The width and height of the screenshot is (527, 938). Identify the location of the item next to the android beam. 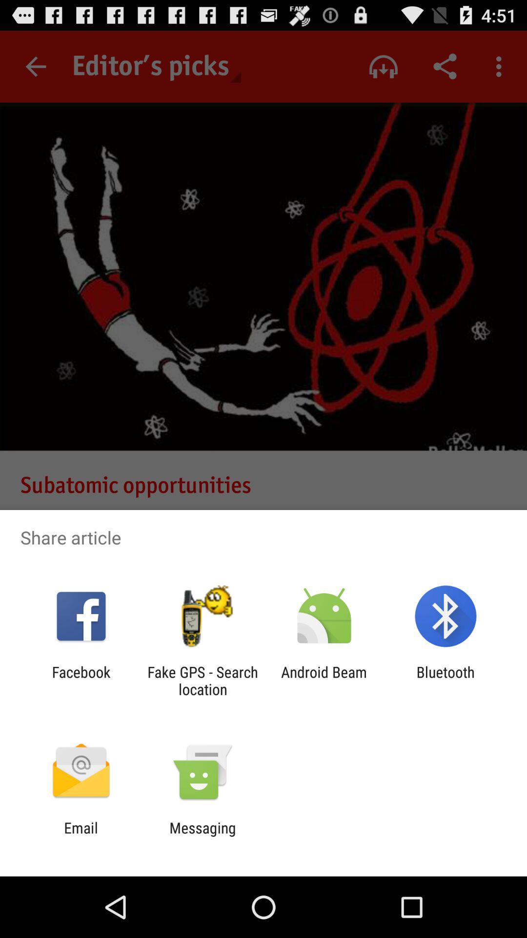
(202, 680).